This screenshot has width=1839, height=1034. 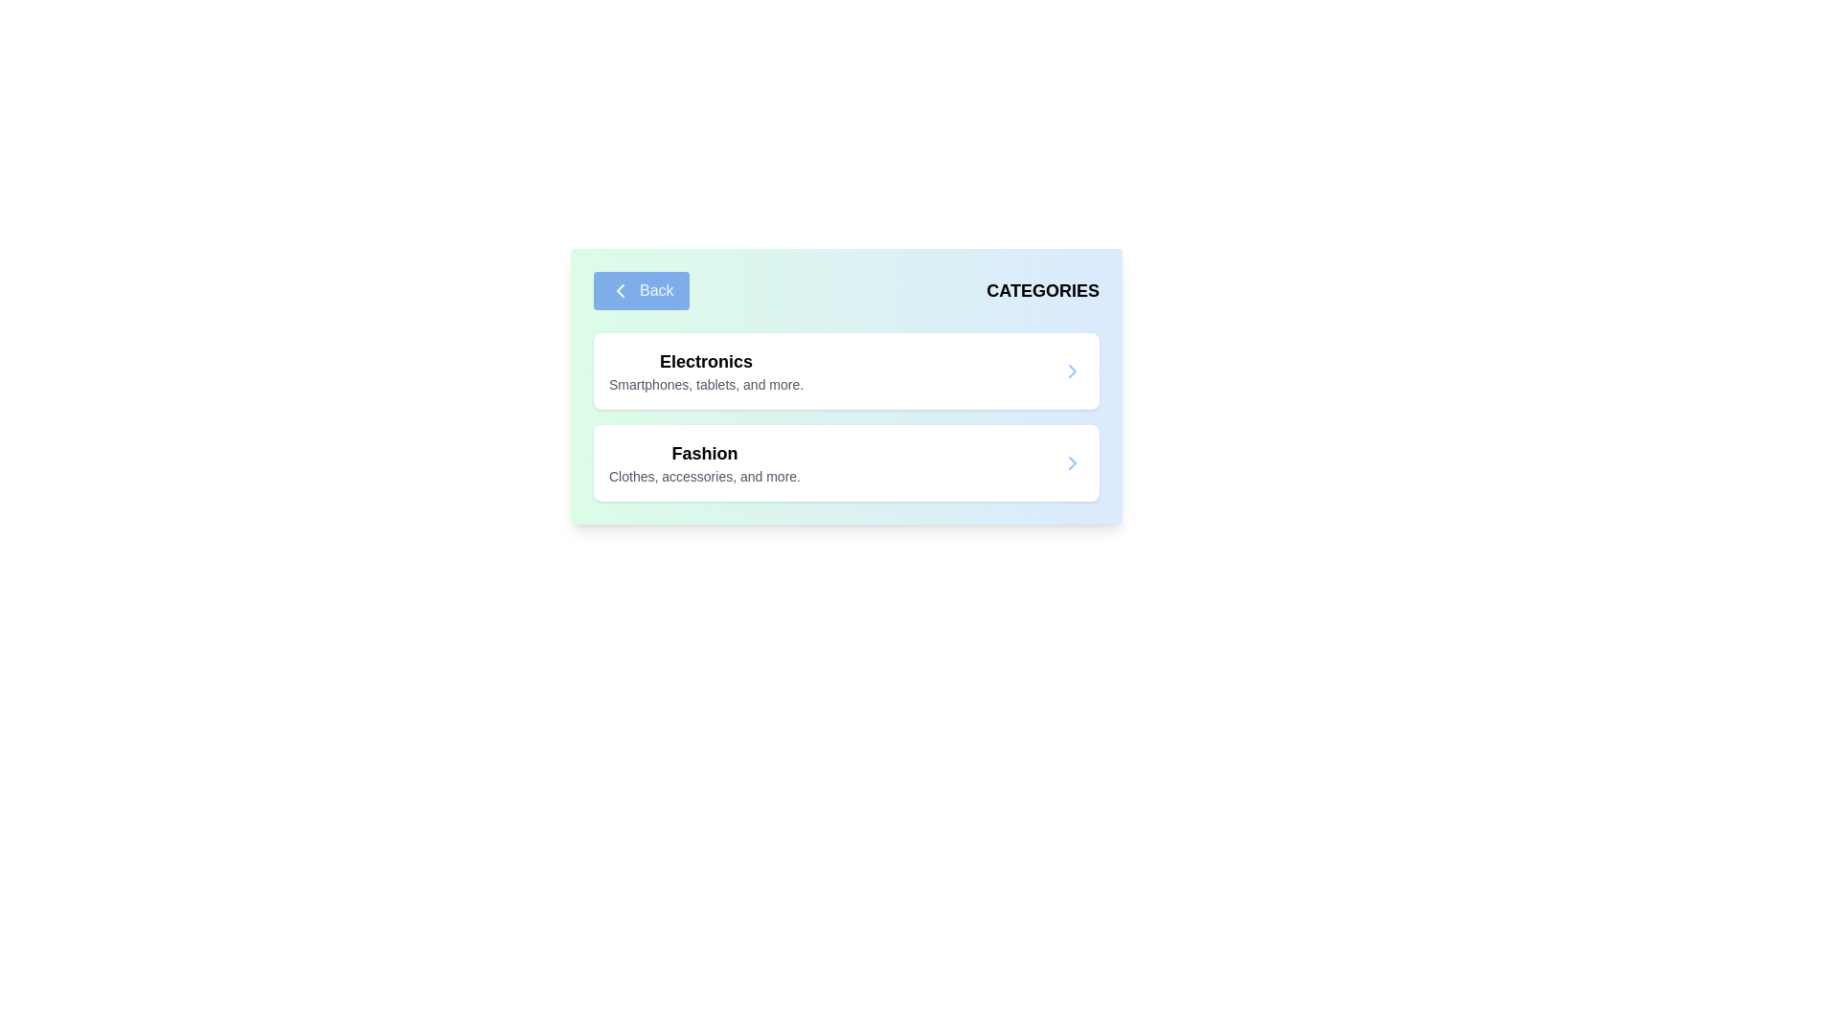 What do you see at coordinates (845, 462) in the screenshot?
I see `the 'Fashion' category item, the second card in the vertical list of category items` at bounding box center [845, 462].